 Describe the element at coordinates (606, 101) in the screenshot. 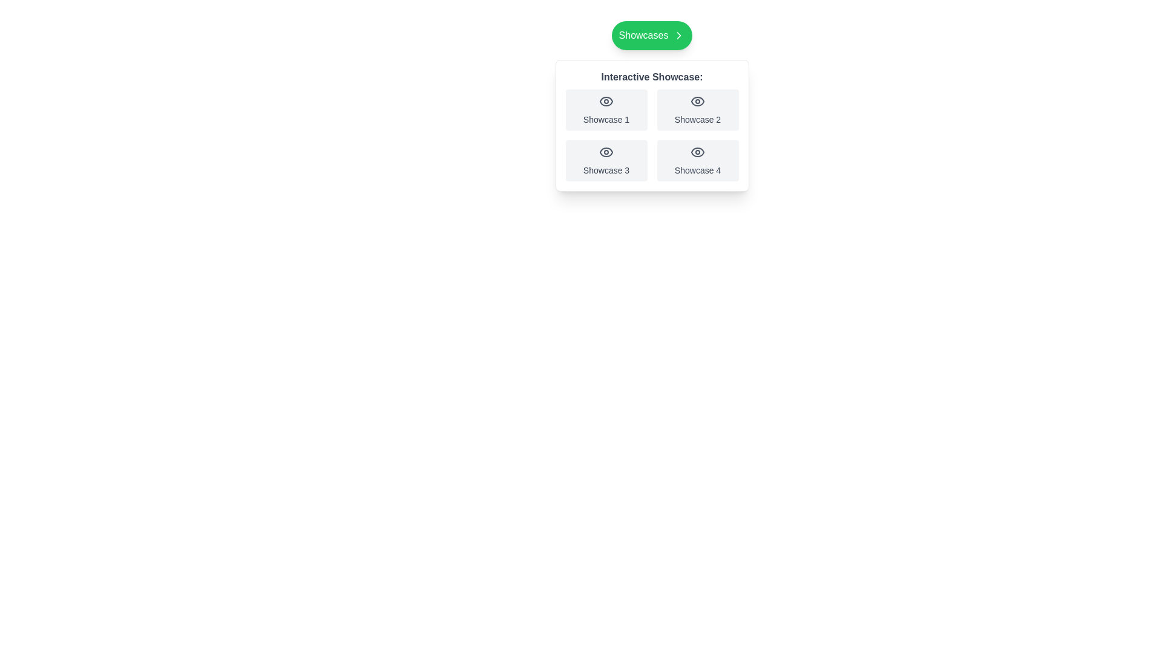

I see `the eye-shaped SVG icon located above the text label 'Showcase 1'` at that location.